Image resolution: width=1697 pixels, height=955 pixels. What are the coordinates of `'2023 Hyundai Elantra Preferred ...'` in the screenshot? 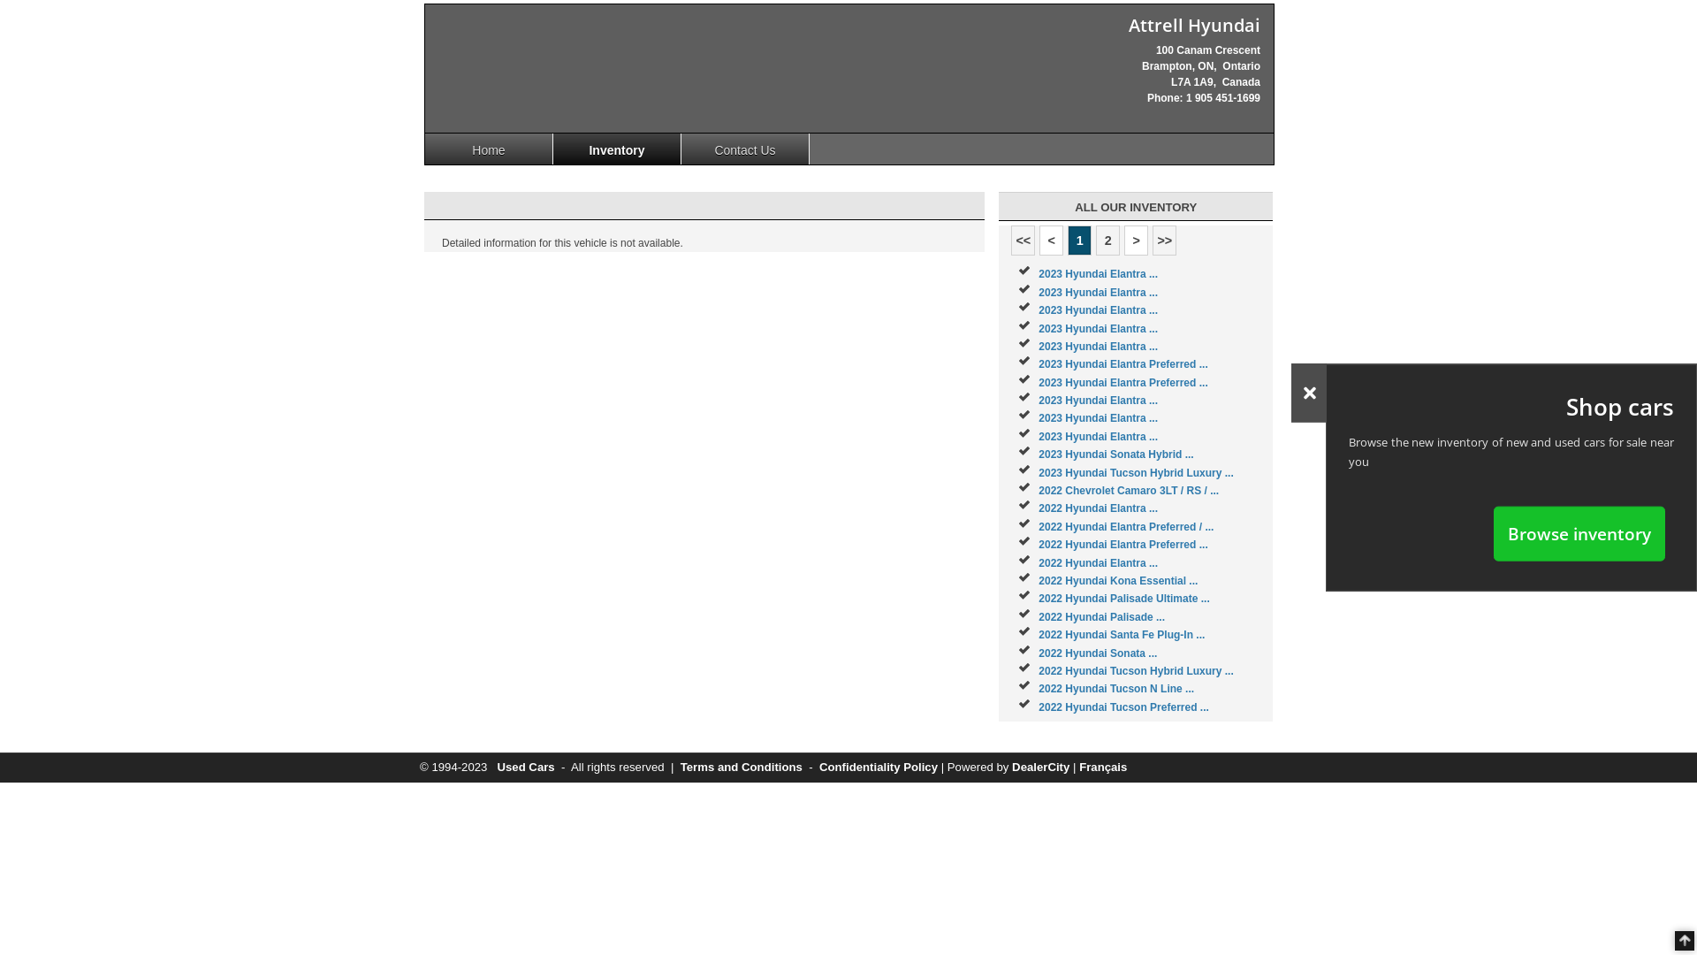 It's located at (1122, 381).